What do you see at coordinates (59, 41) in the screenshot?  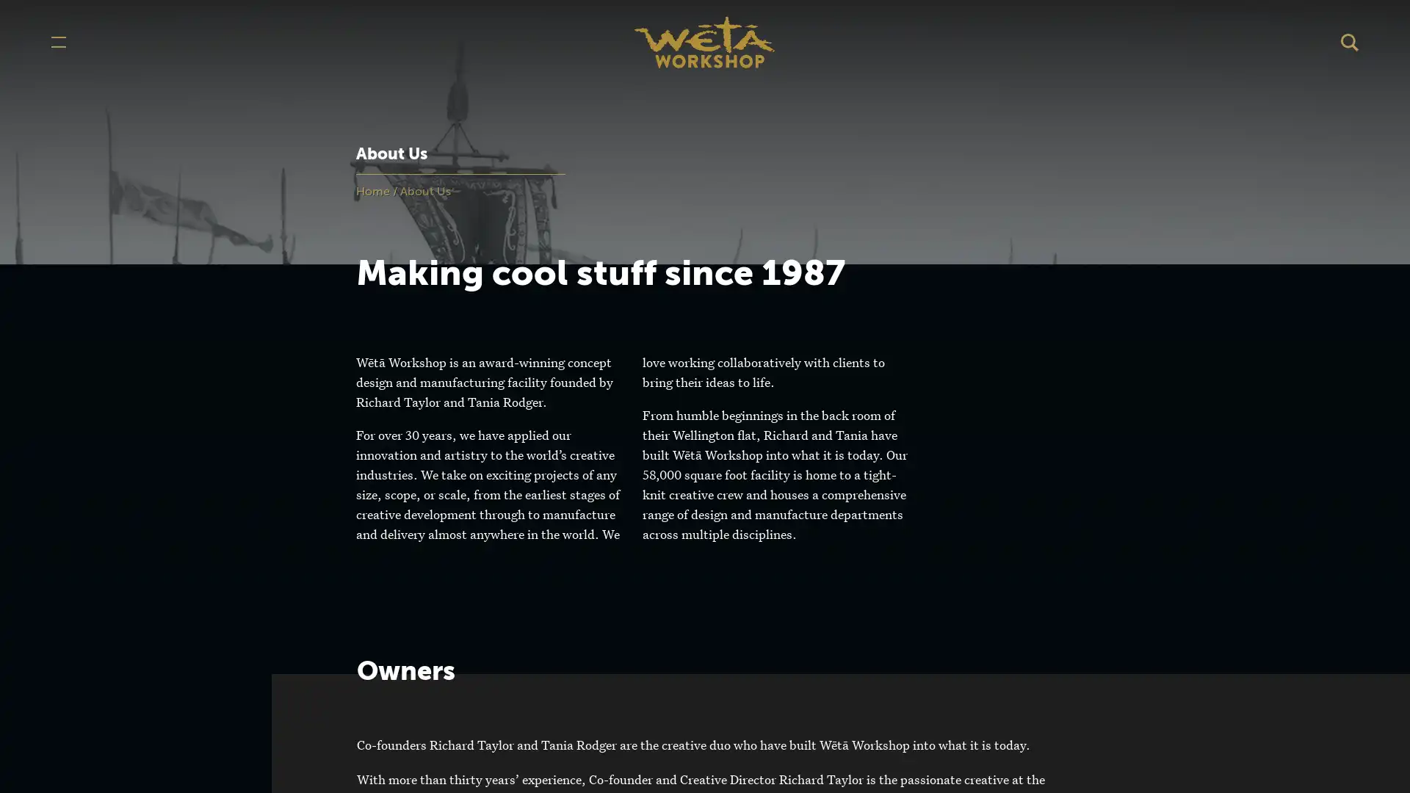 I see `Toggle navigation` at bounding box center [59, 41].